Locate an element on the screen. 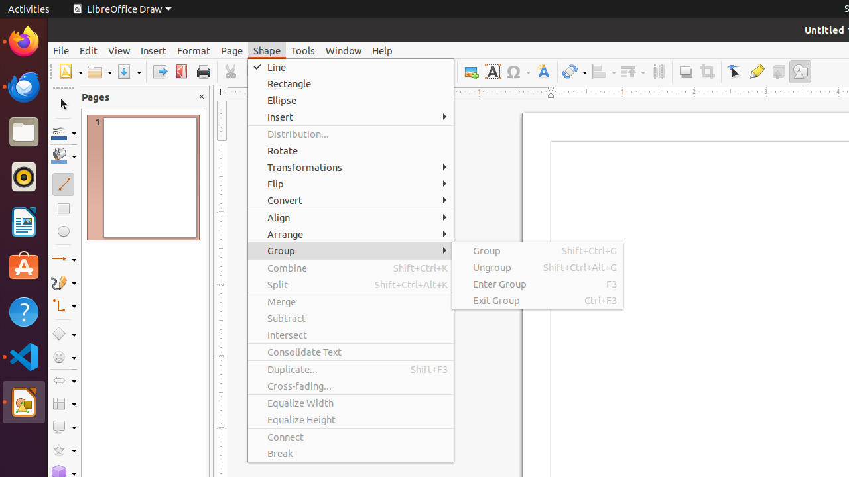 The width and height of the screenshot is (849, 477). 'Close Pane' is located at coordinates (200, 96).